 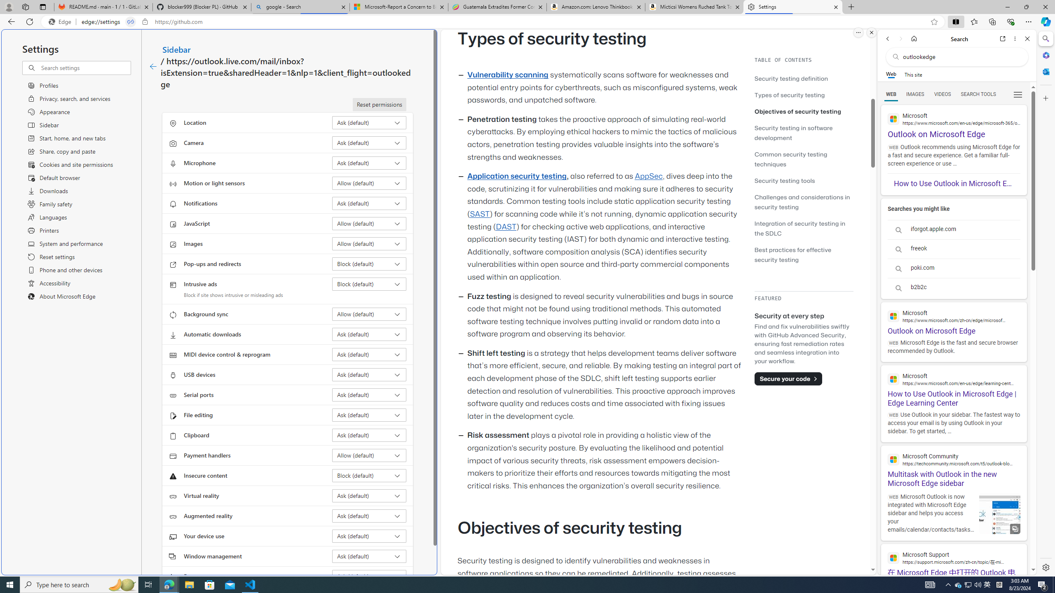 What do you see at coordinates (369, 415) in the screenshot?
I see `'File editing Ask (default)'` at bounding box center [369, 415].